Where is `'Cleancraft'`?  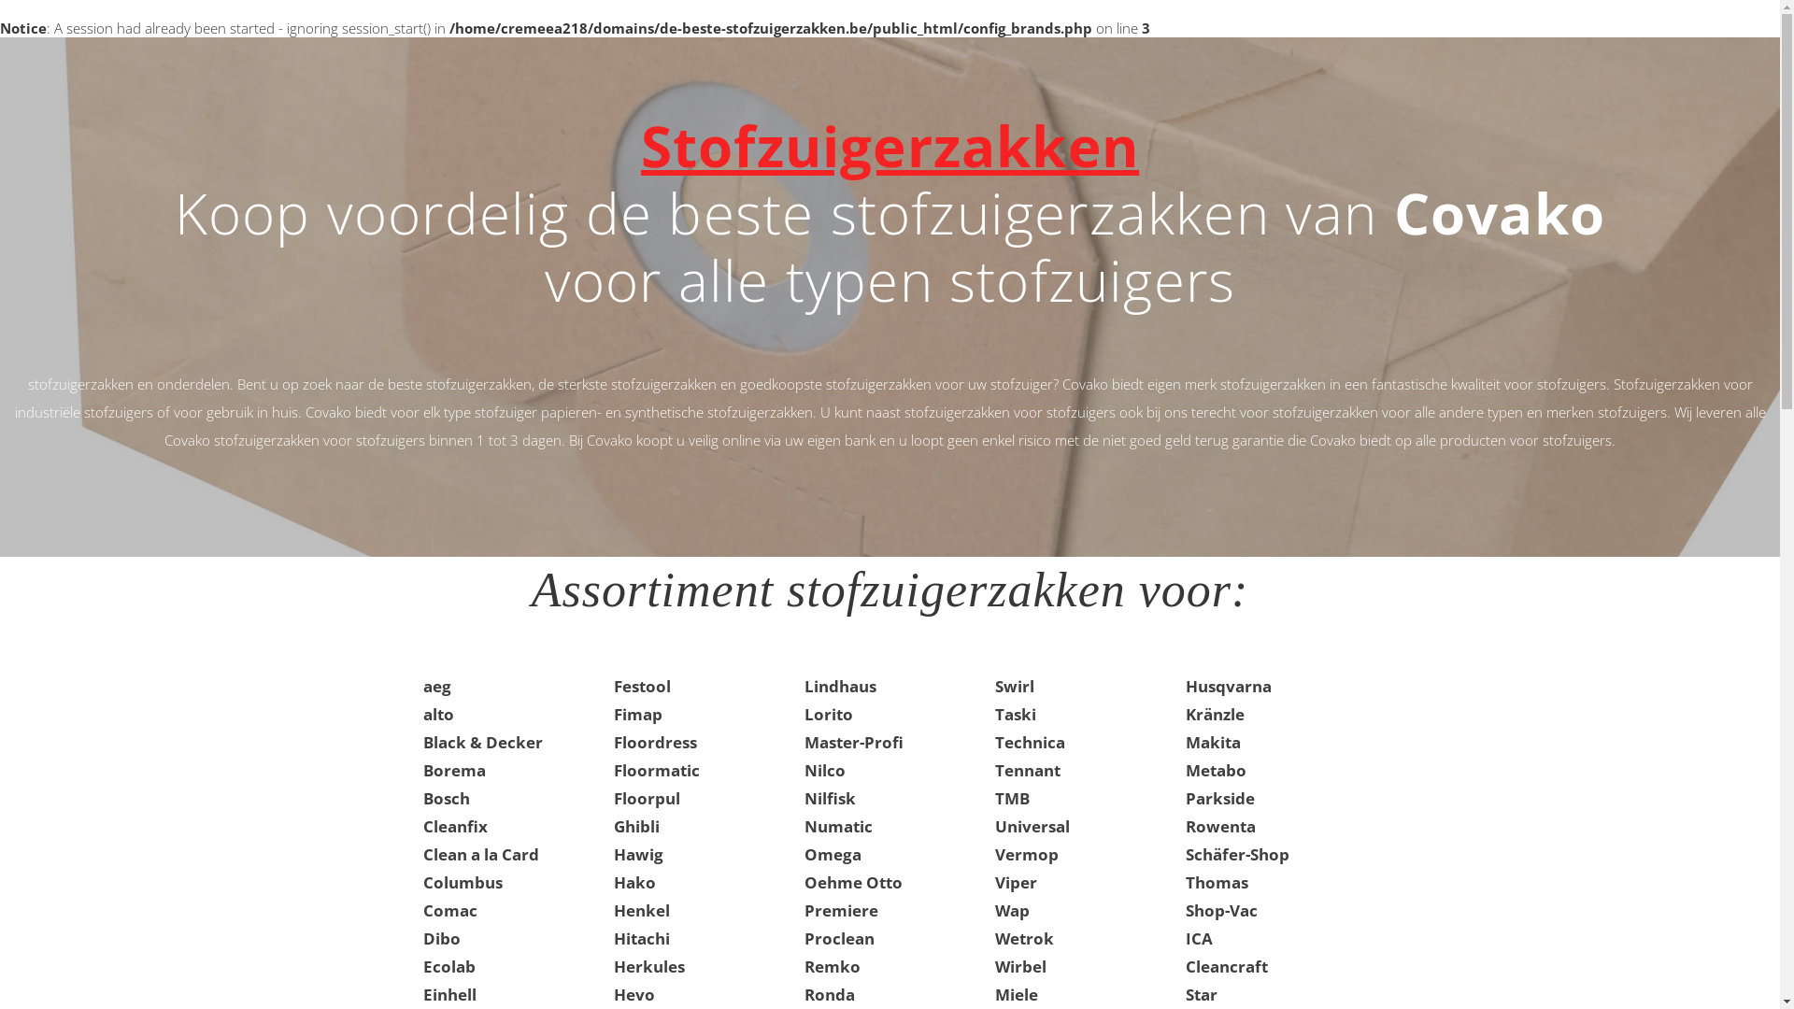 'Cleancraft' is located at coordinates (1225, 966).